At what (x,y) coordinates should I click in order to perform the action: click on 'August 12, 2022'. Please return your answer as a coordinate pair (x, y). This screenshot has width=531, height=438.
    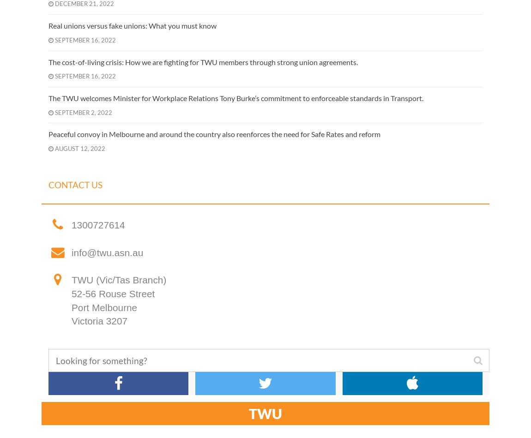
    Looking at the image, I should click on (79, 148).